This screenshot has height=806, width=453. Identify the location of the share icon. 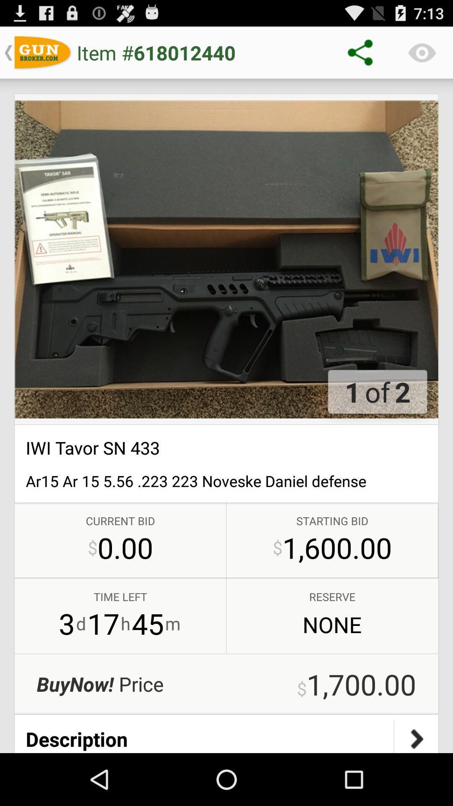
(360, 52).